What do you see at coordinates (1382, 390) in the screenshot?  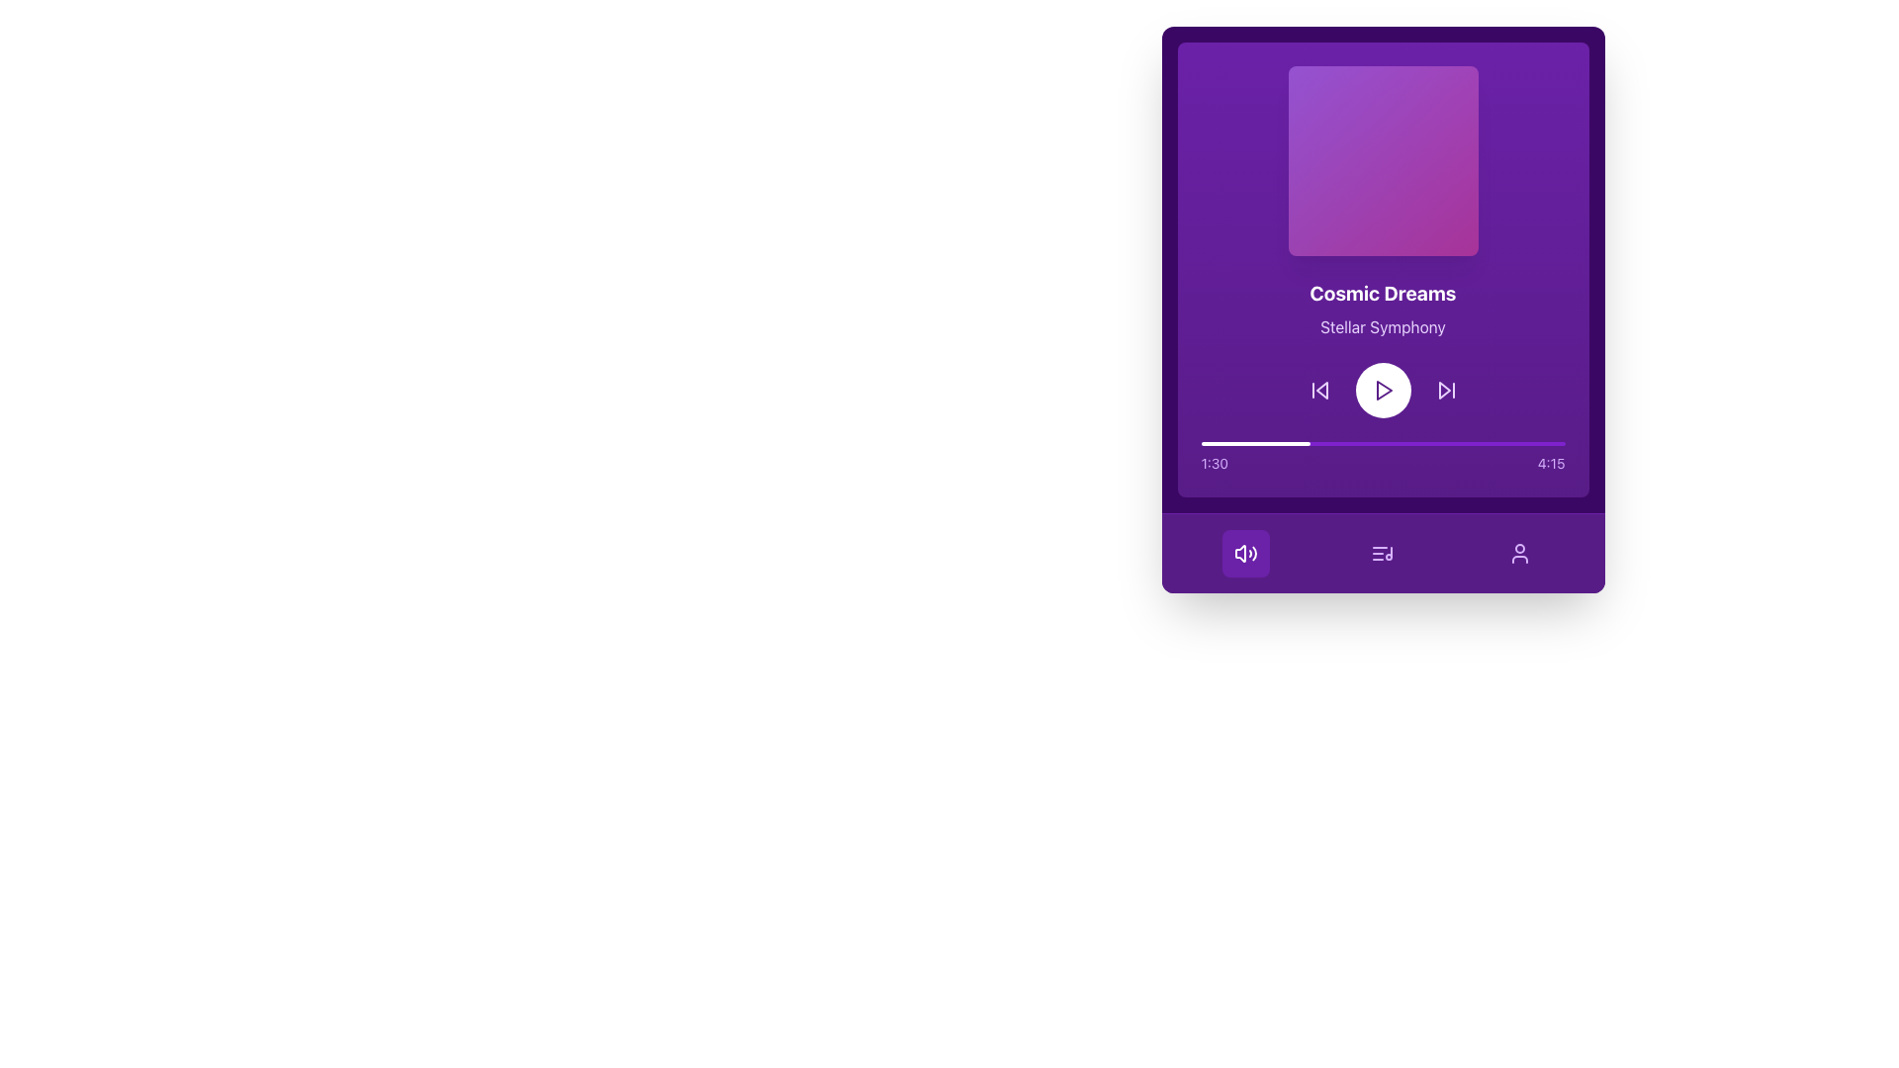 I see `the circular play button with a white background and purple play icon in the center of a music player interface for keyboard activation` at bounding box center [1382, 390].